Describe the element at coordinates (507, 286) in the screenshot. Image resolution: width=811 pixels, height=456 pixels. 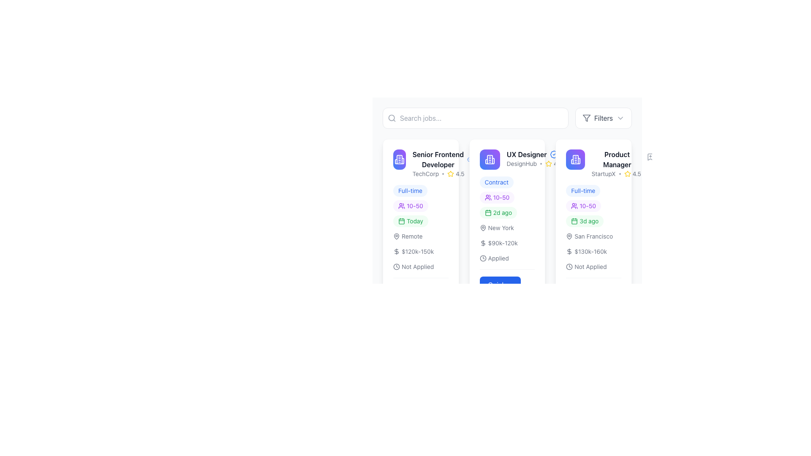
I see `the 'Quick Apply' button with rounded corners and a blue background` at that location.